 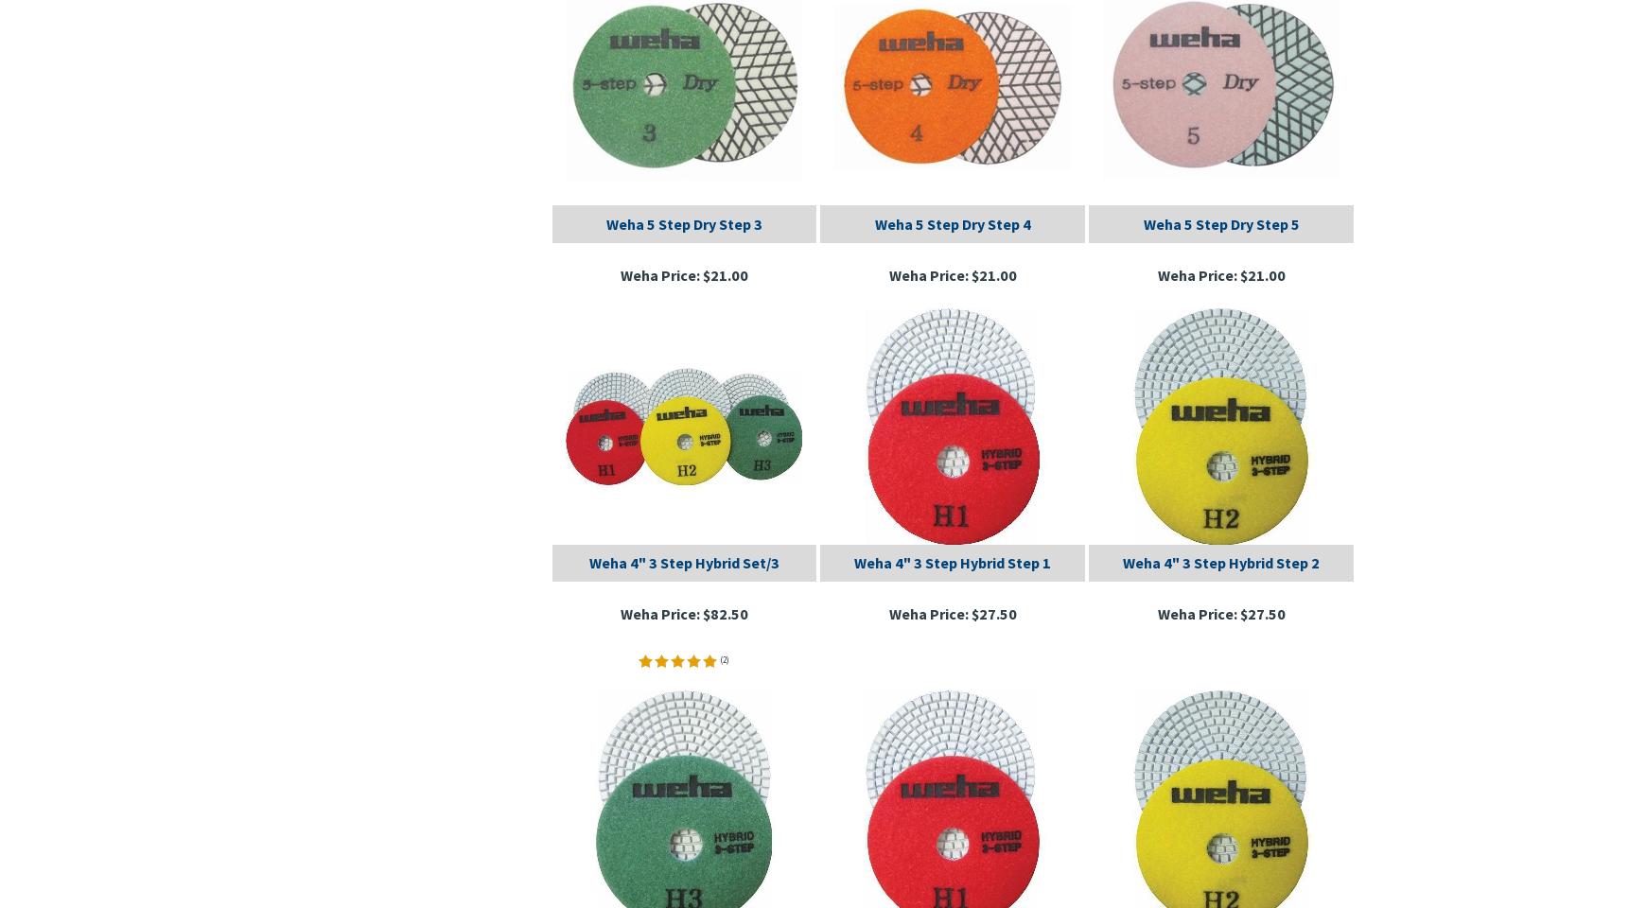 What do you see at coordinates (723, 612) in the screenshot?
I see `'$82.50'` at bounding box center [723, 612].